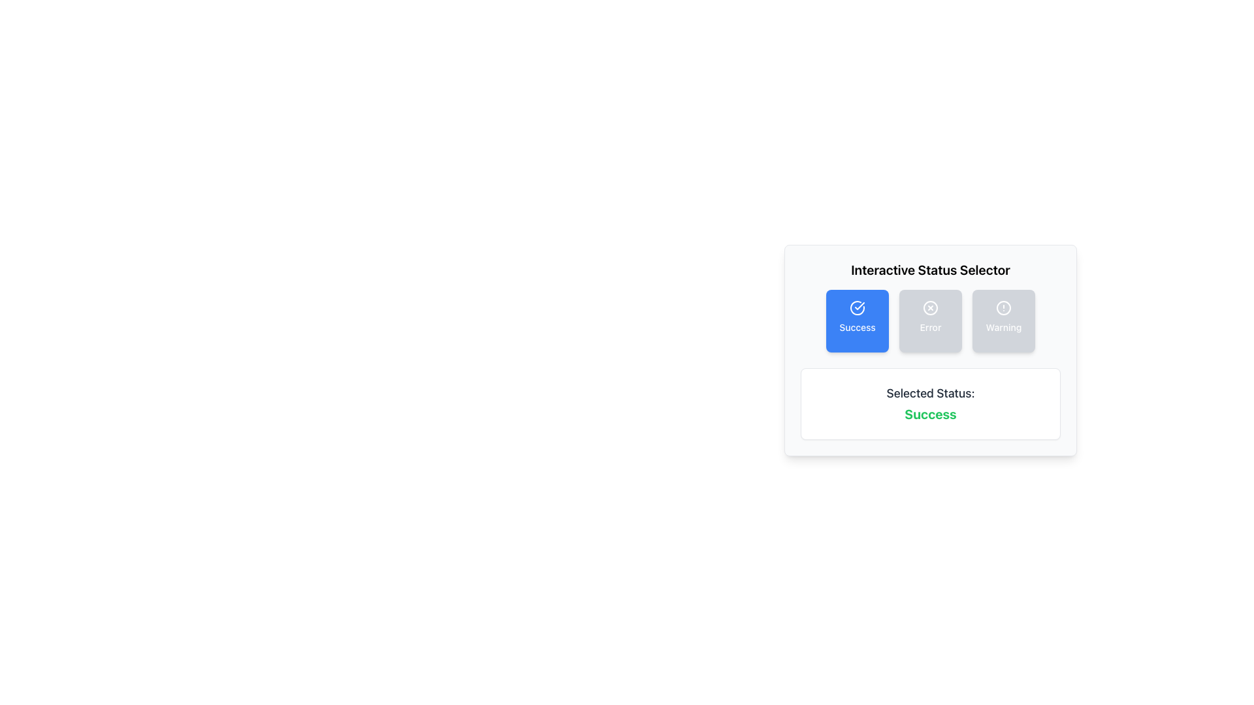 The height and width of the screenshot is (705, 1254). What do you see at coordinates (858, 321) in the screenshot?
I see `the 'Success' button, which is the first button from the left in a horizontal row of three buttons` at bounding box center [858, 321].